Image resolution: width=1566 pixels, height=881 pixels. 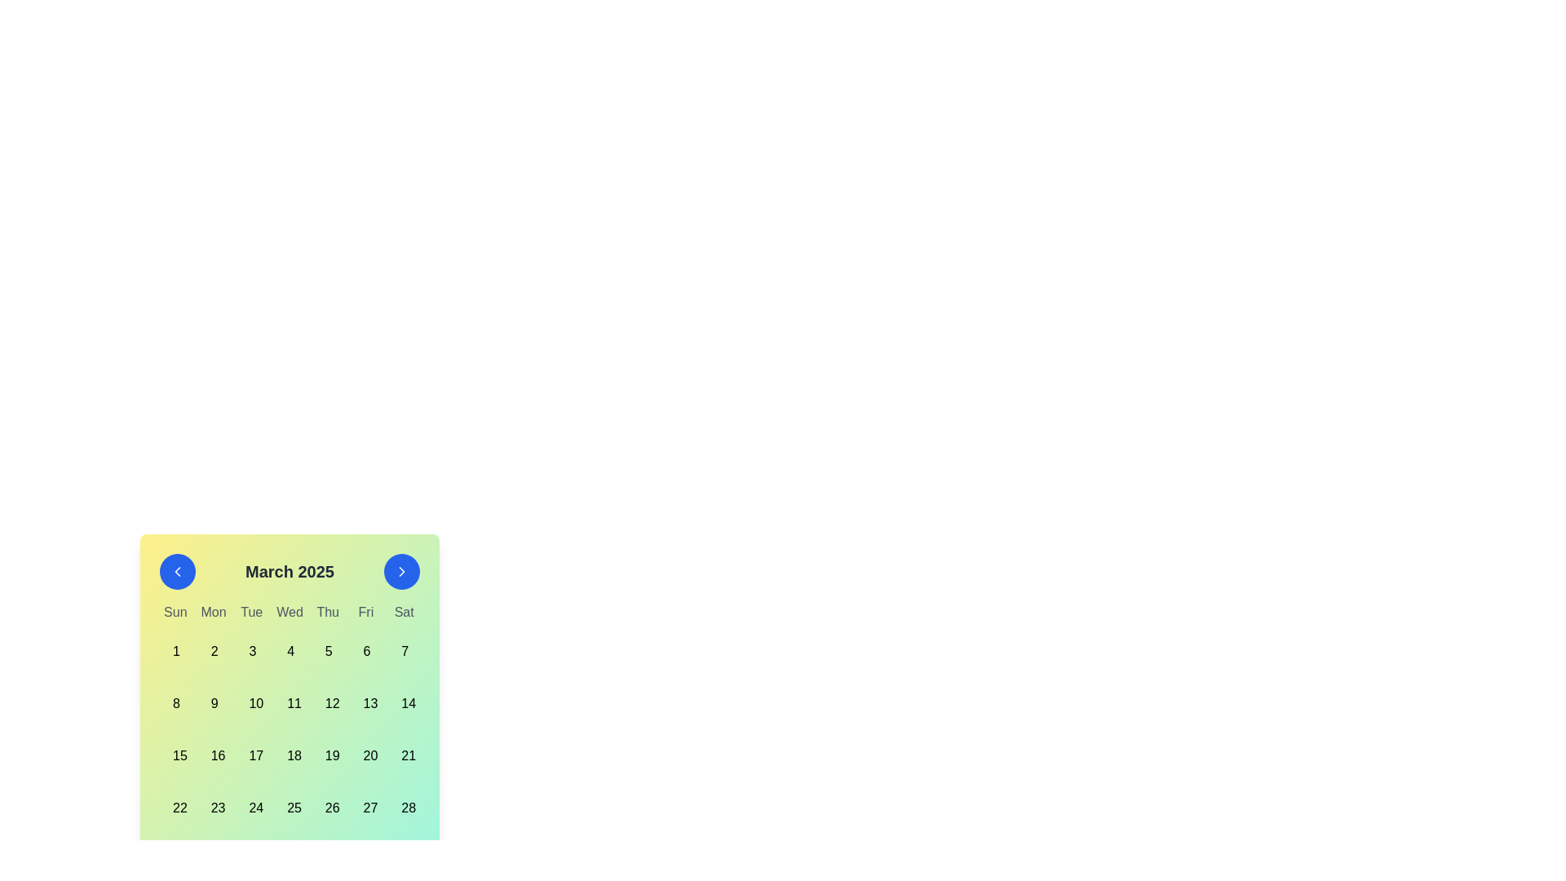 I want to click on the label indicating 'Wed' in the calendar's header row, positioned between 'Tue' and 'Thu', so click(x=290, y=613).